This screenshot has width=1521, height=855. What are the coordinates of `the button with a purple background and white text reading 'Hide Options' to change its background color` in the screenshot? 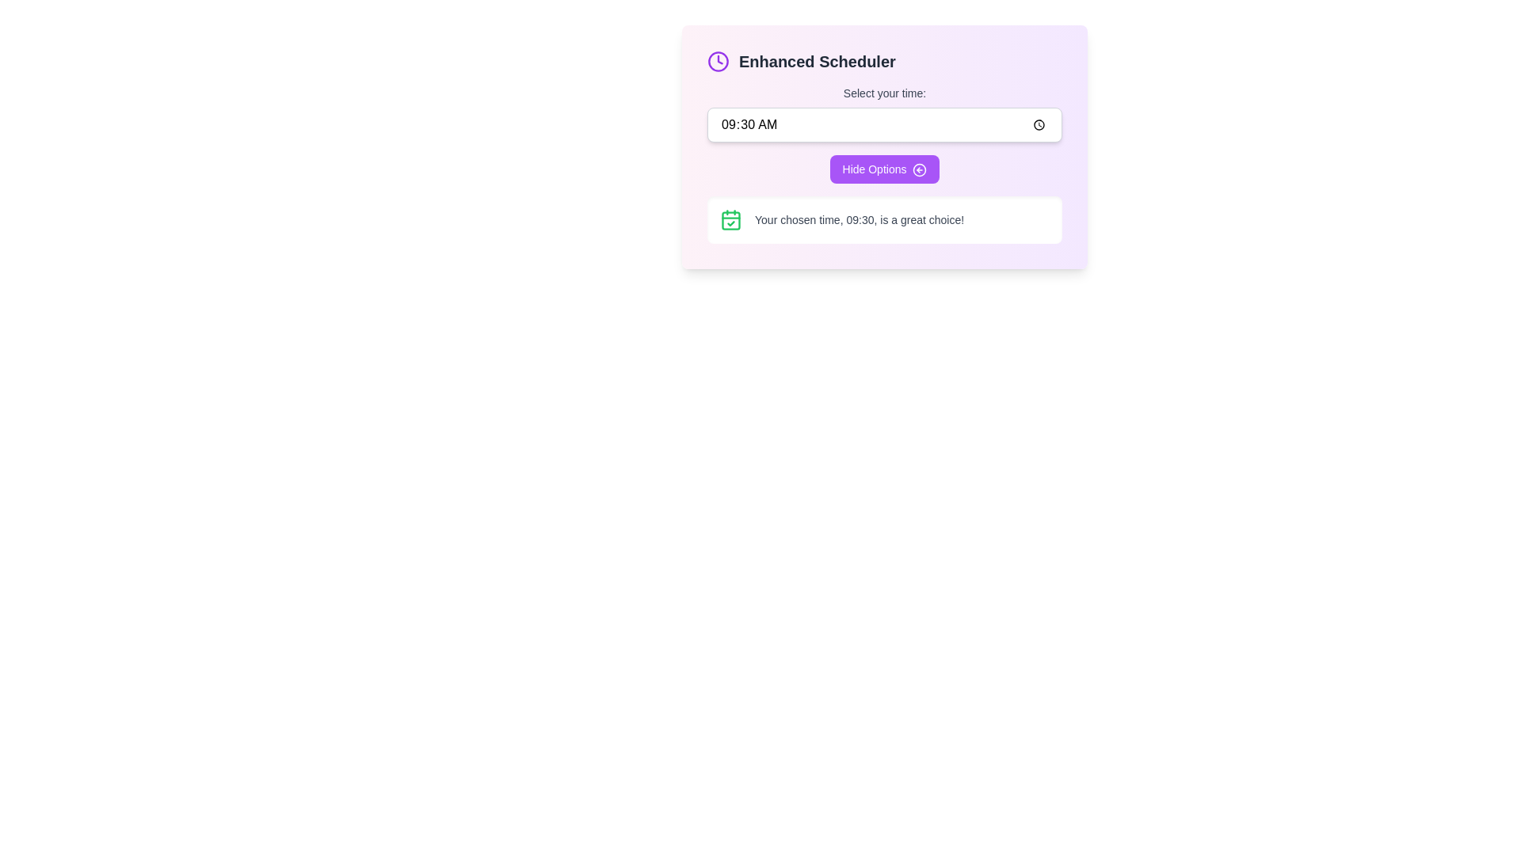 It's located at (884, 169).